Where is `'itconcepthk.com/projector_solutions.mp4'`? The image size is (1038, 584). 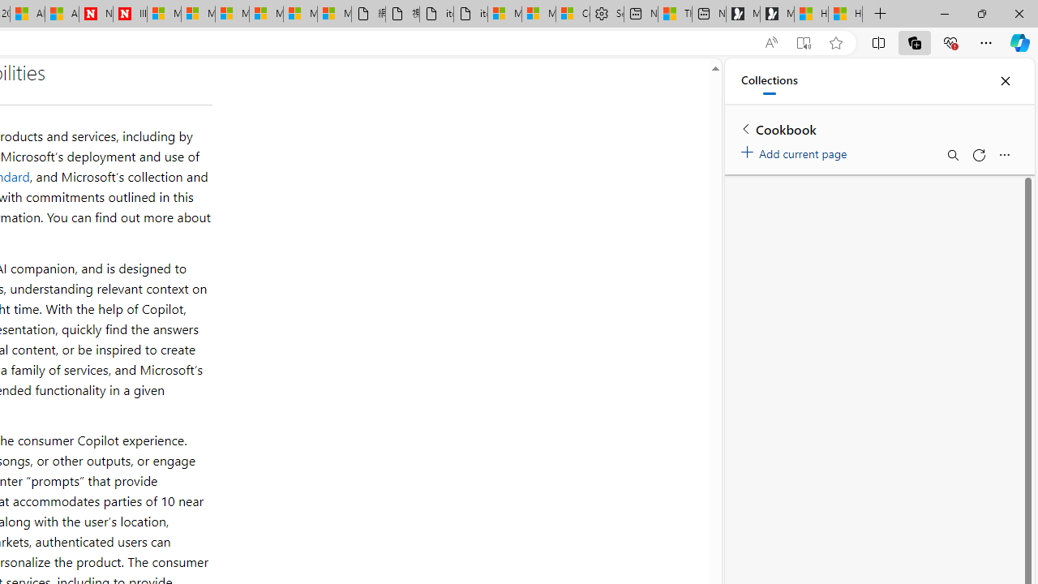
'itconcepthk.com/projector_solutions.mp4' is located at coordinates (470, 14).